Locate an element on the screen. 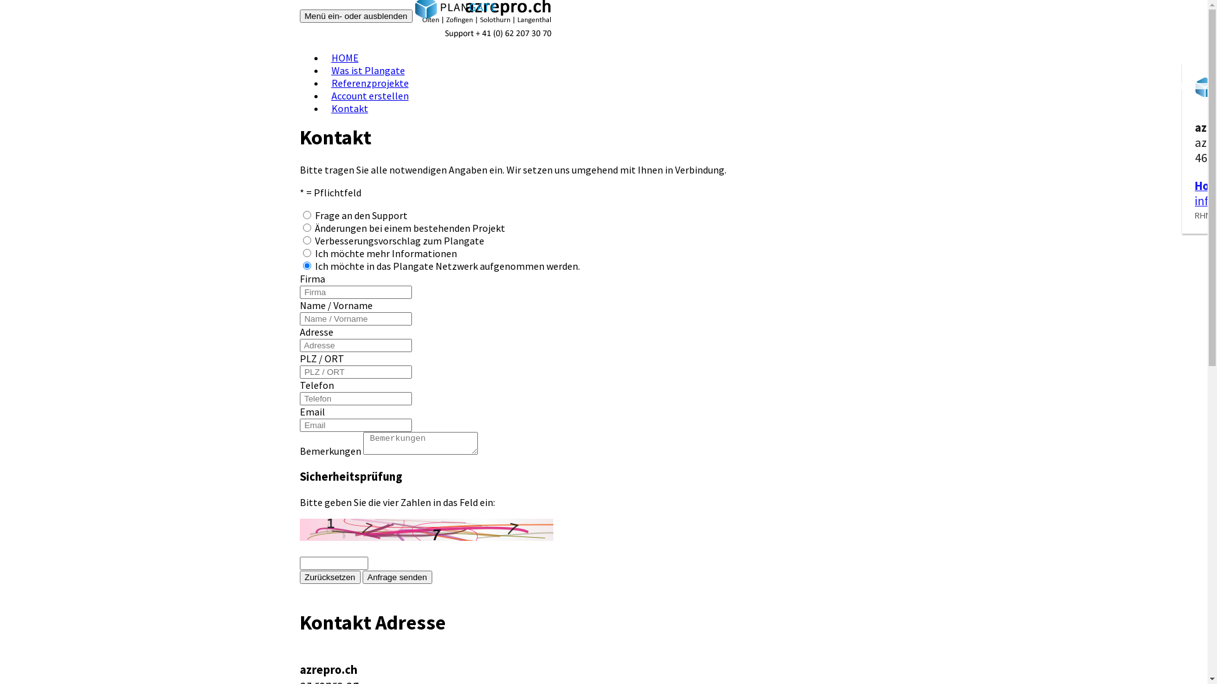  'Anfrage senden' is located at coordinates (397, 577).